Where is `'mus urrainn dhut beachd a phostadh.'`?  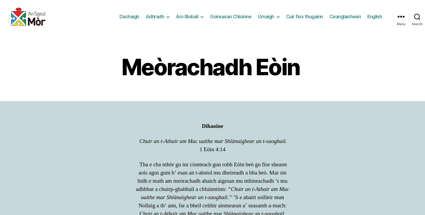 'mus urrainn dhut beachd a phostadh.' is located at coordinates (238, 161).